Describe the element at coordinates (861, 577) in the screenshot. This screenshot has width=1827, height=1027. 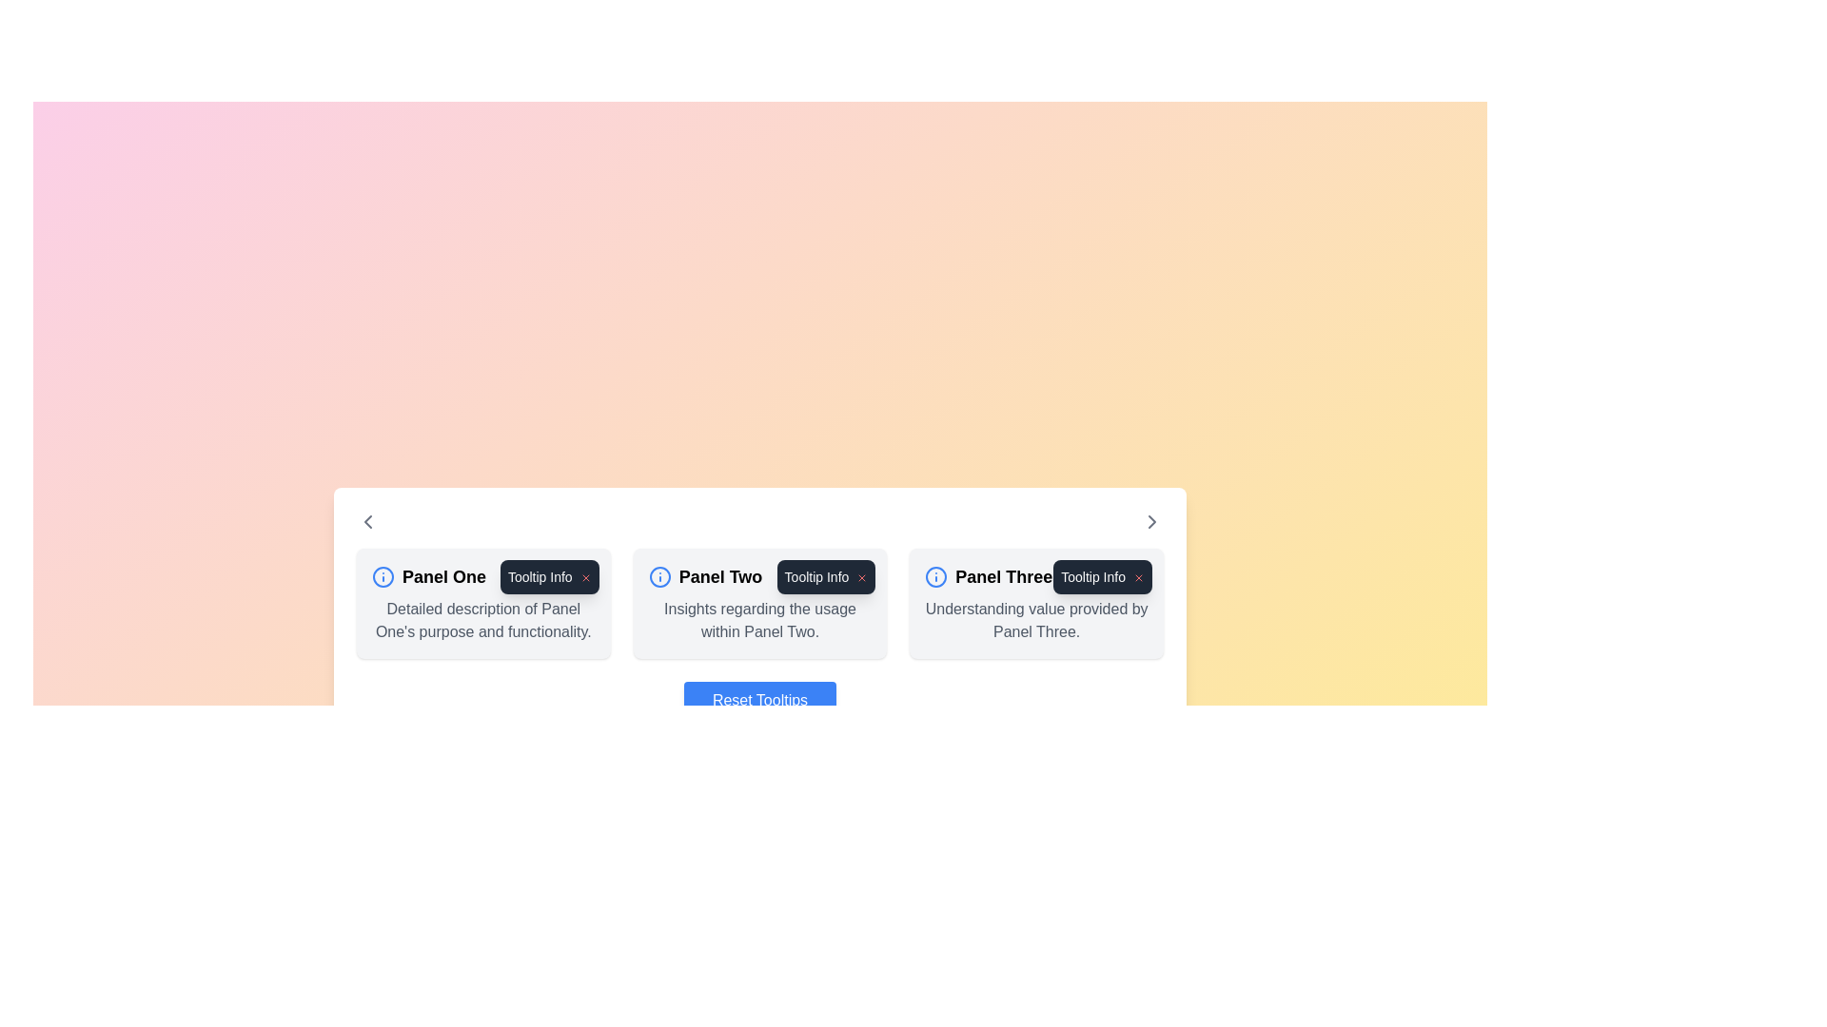
I see `the Close button icon at the top-right corner of the tooltip associated with 'Panel Two'` at that location.